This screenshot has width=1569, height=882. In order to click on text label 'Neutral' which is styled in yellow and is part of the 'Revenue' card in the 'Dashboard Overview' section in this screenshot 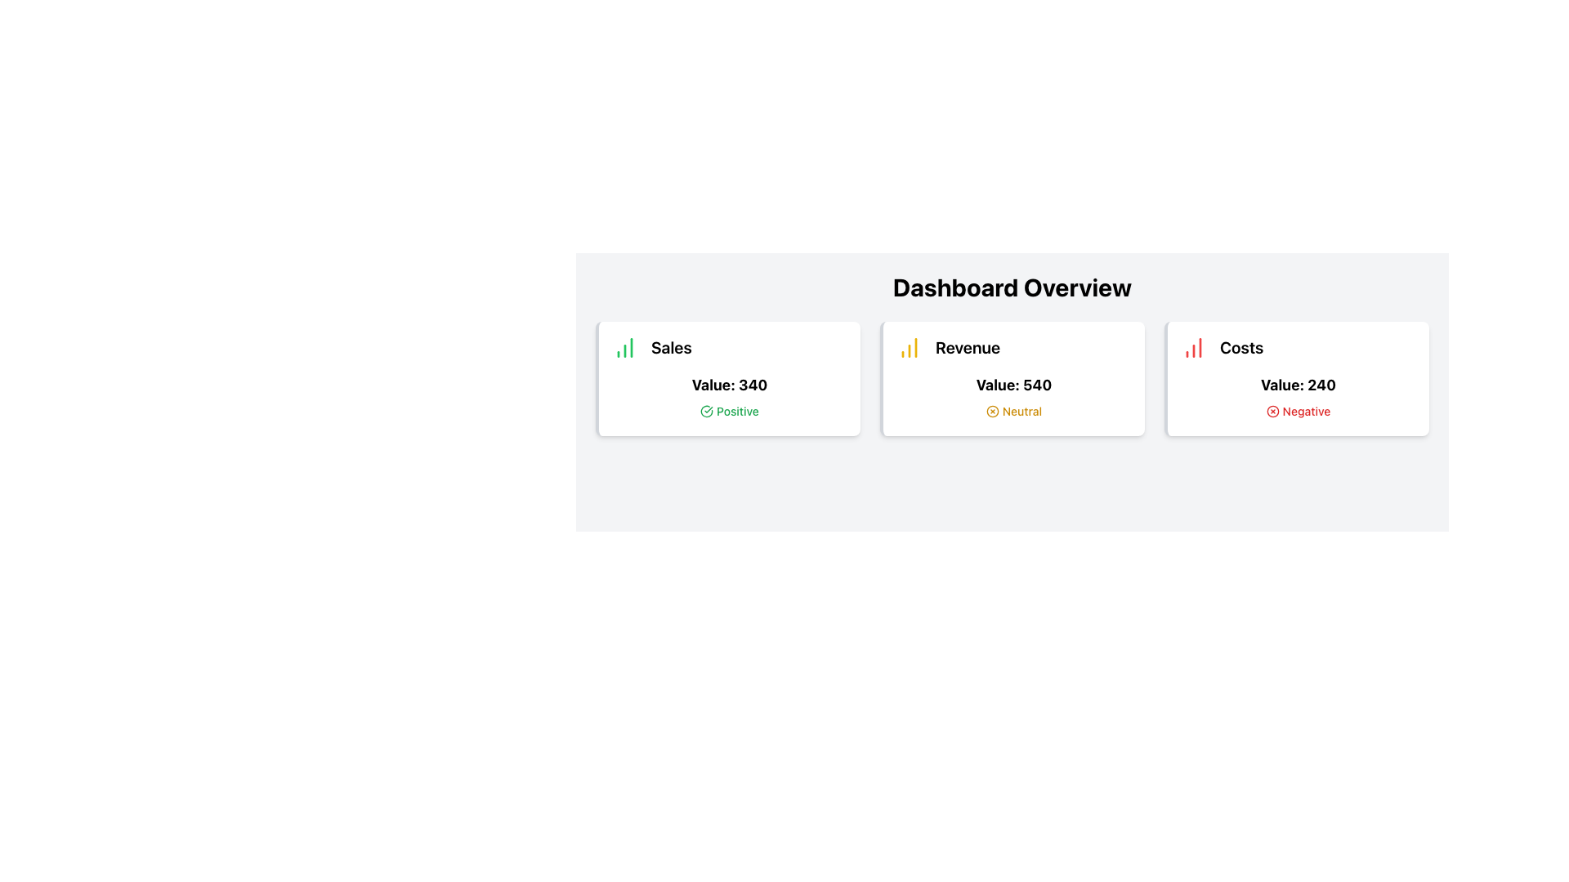, I will do `click(1021, 411)`.